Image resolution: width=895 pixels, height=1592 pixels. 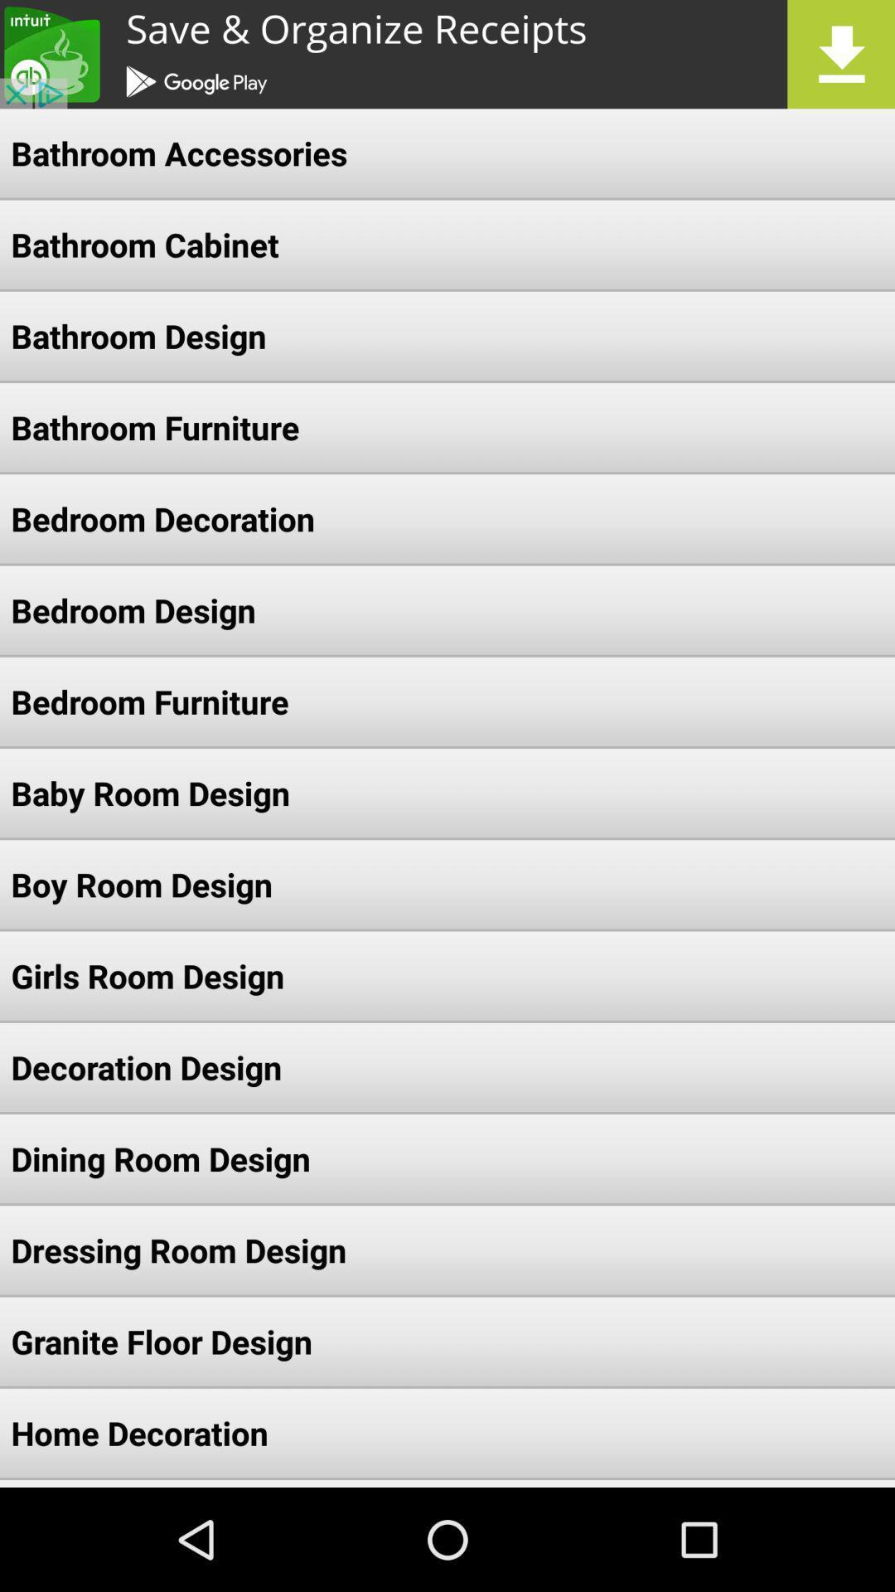 What do you see at coordinates (447, 54) in the screenshot?
I see `share the article` at bounding box center [447, 54].